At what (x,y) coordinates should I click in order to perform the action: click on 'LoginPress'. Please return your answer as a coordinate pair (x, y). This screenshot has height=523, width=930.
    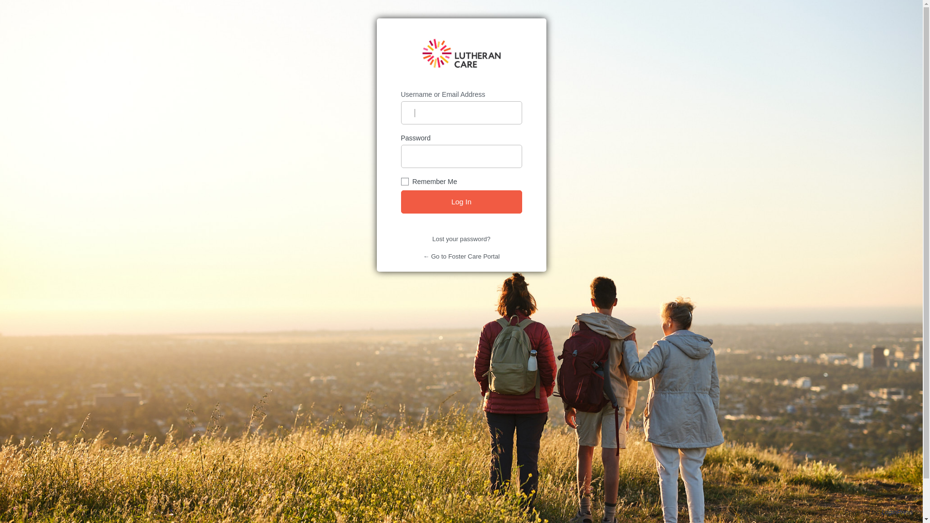
    Looking at the image, I should click on (897, 511).